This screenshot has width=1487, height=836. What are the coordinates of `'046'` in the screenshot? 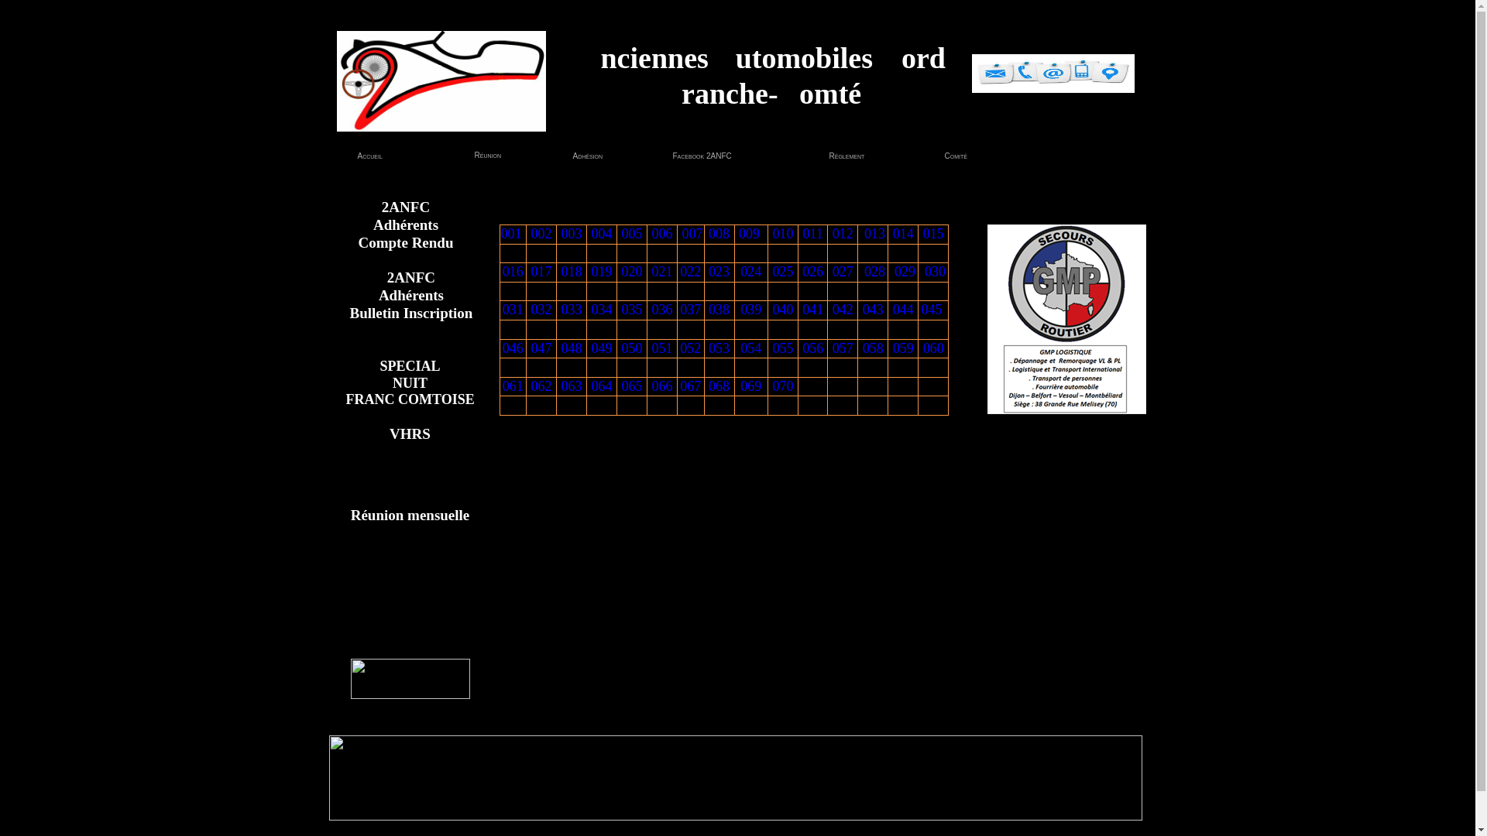 It's located at (513, 348).